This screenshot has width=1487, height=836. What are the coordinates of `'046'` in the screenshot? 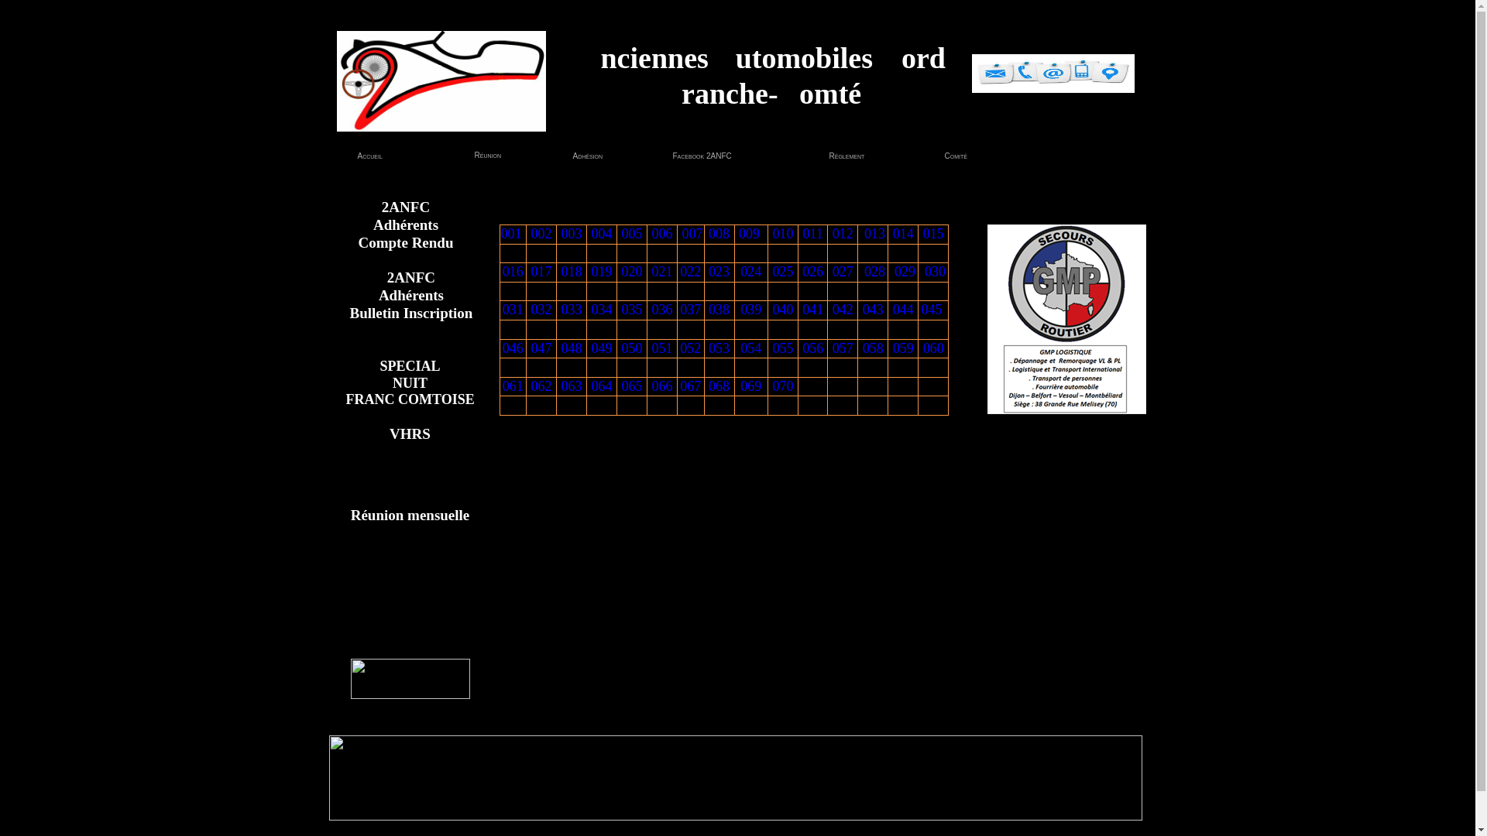 It's located at (513, 348).